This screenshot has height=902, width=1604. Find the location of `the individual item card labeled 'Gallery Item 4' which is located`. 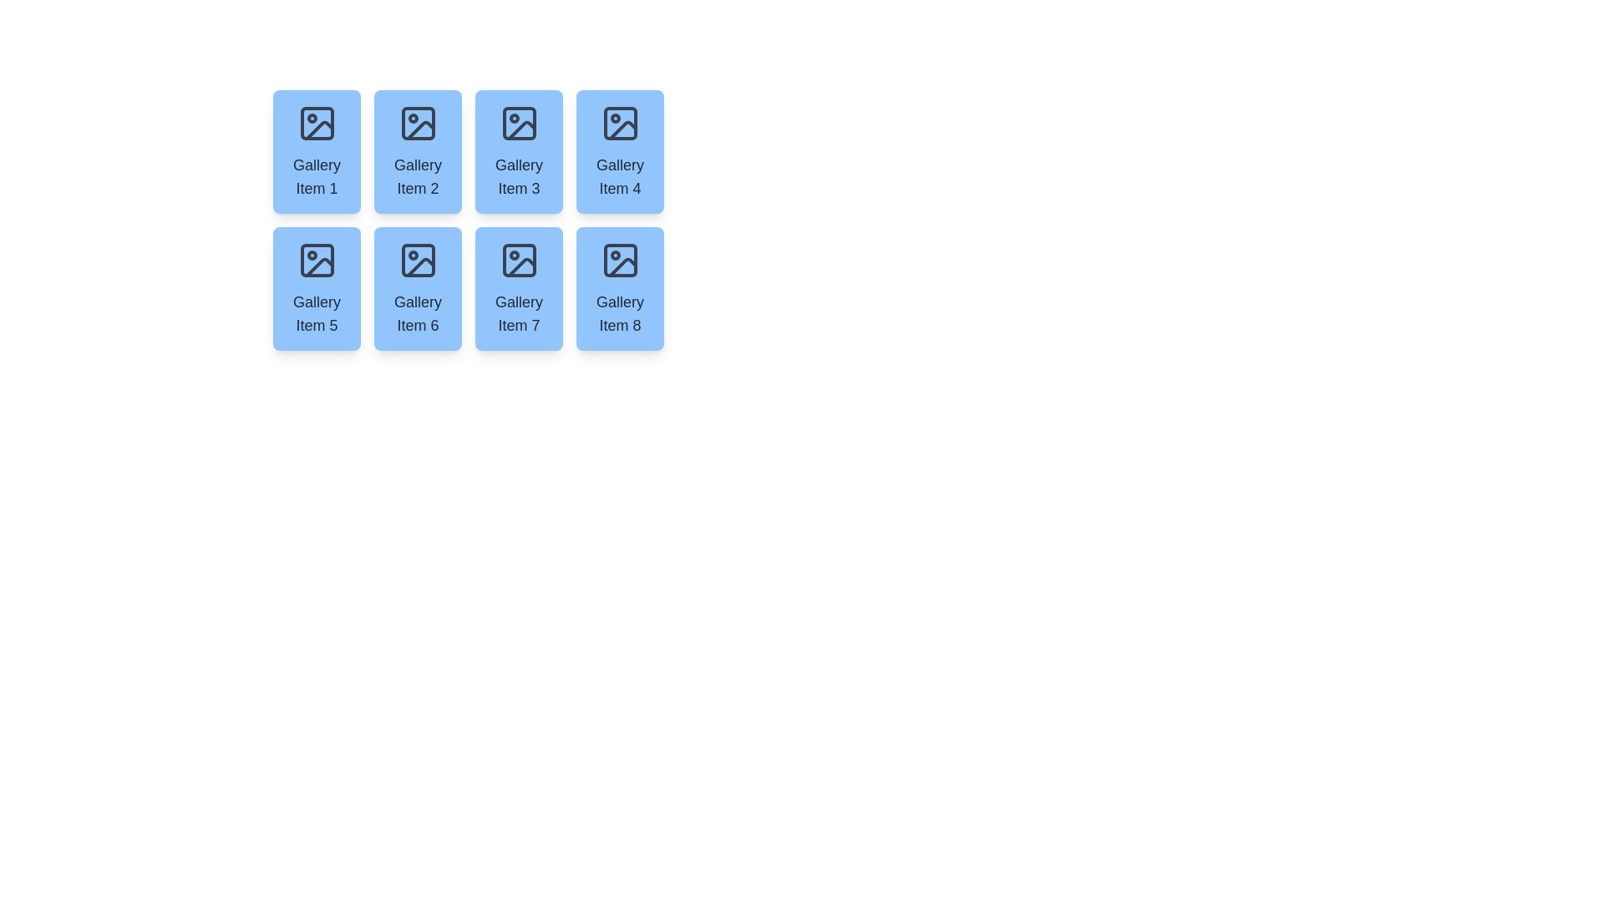

the individual item card labeled 'Gallery Item 4' which is located is located at coordinates (619, 151).